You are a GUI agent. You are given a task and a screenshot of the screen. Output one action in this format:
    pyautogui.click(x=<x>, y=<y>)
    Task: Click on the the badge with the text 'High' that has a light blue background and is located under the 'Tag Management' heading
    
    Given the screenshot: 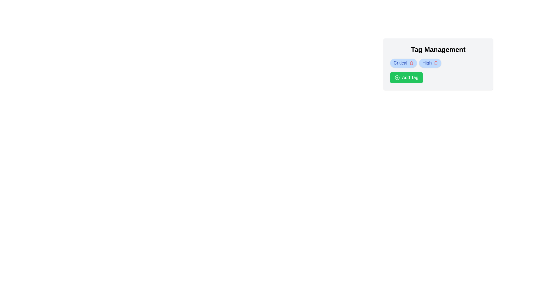 What is the action you would take?
    pyautogui.click(x=430, y=63)
    